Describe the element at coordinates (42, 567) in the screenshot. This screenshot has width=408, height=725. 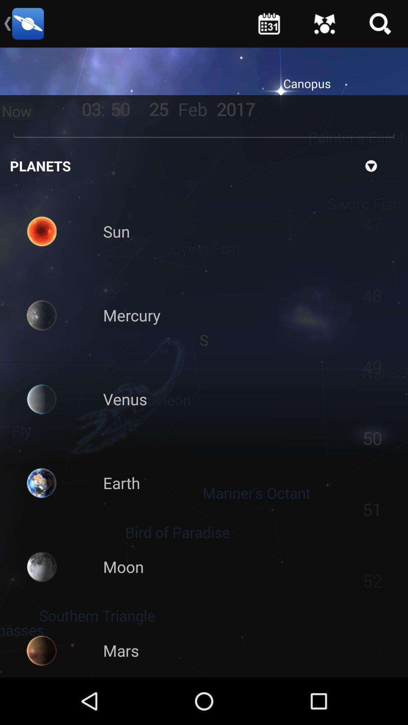
I see `moon option icon` at that location.